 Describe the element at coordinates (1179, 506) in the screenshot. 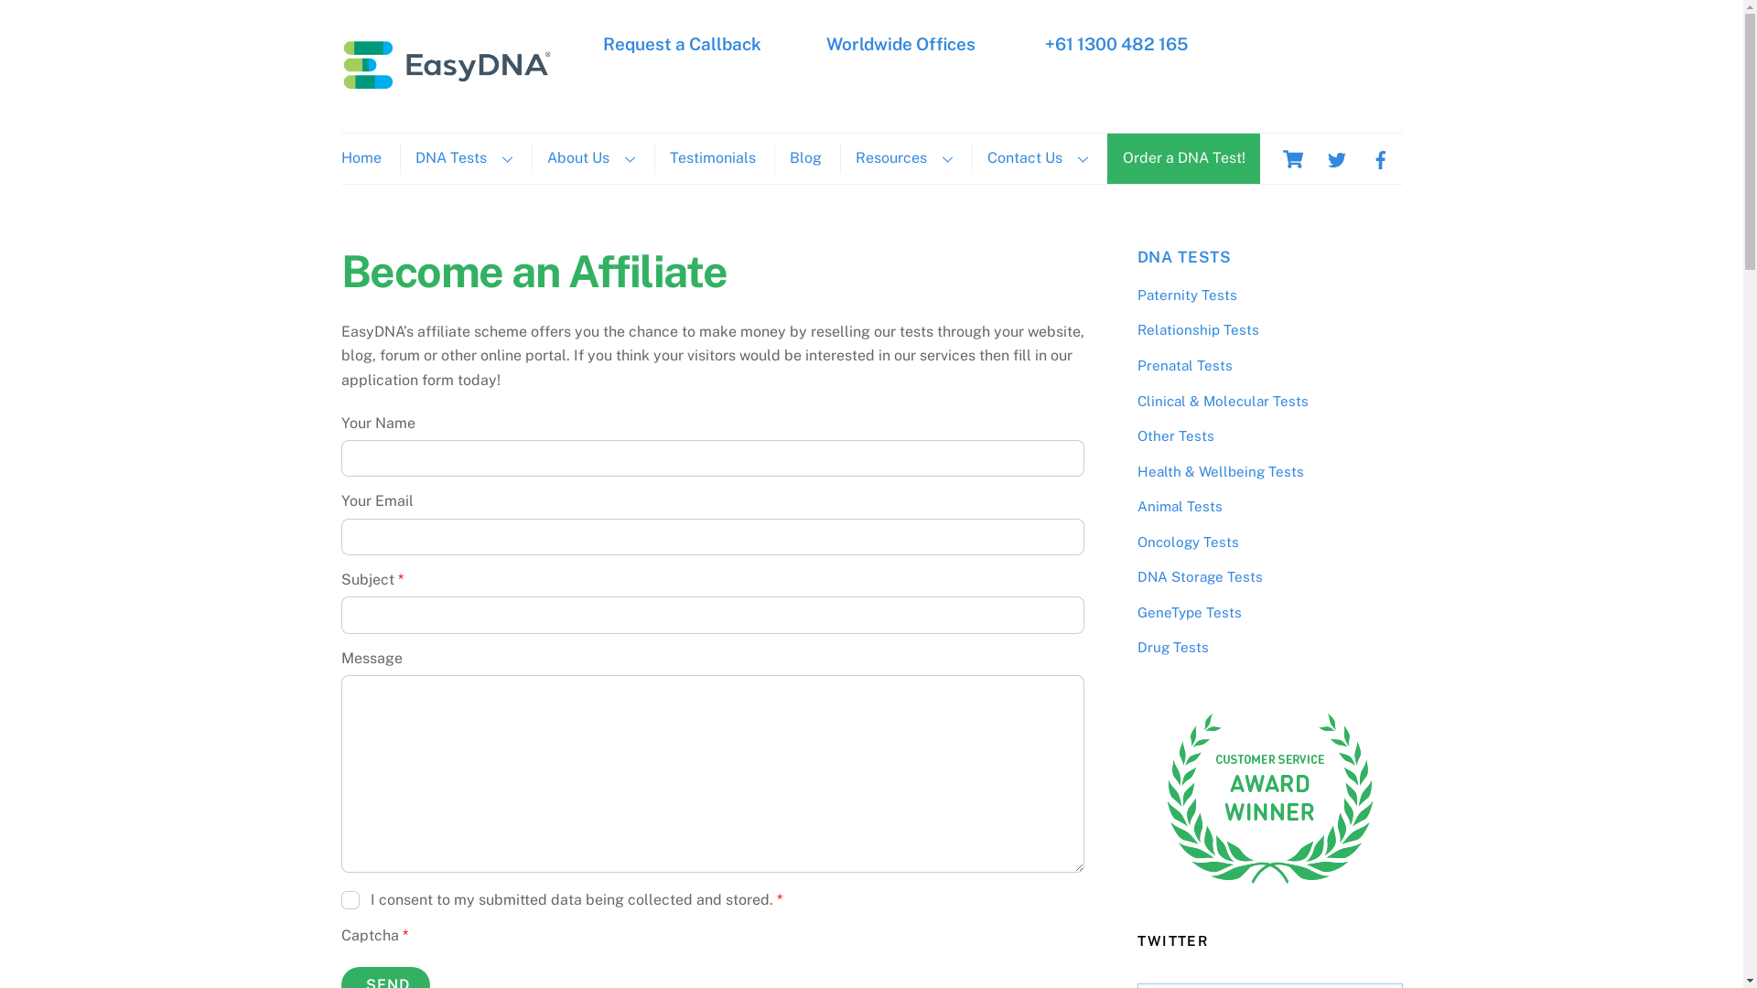

I see `'Animal Tests'` at that location.